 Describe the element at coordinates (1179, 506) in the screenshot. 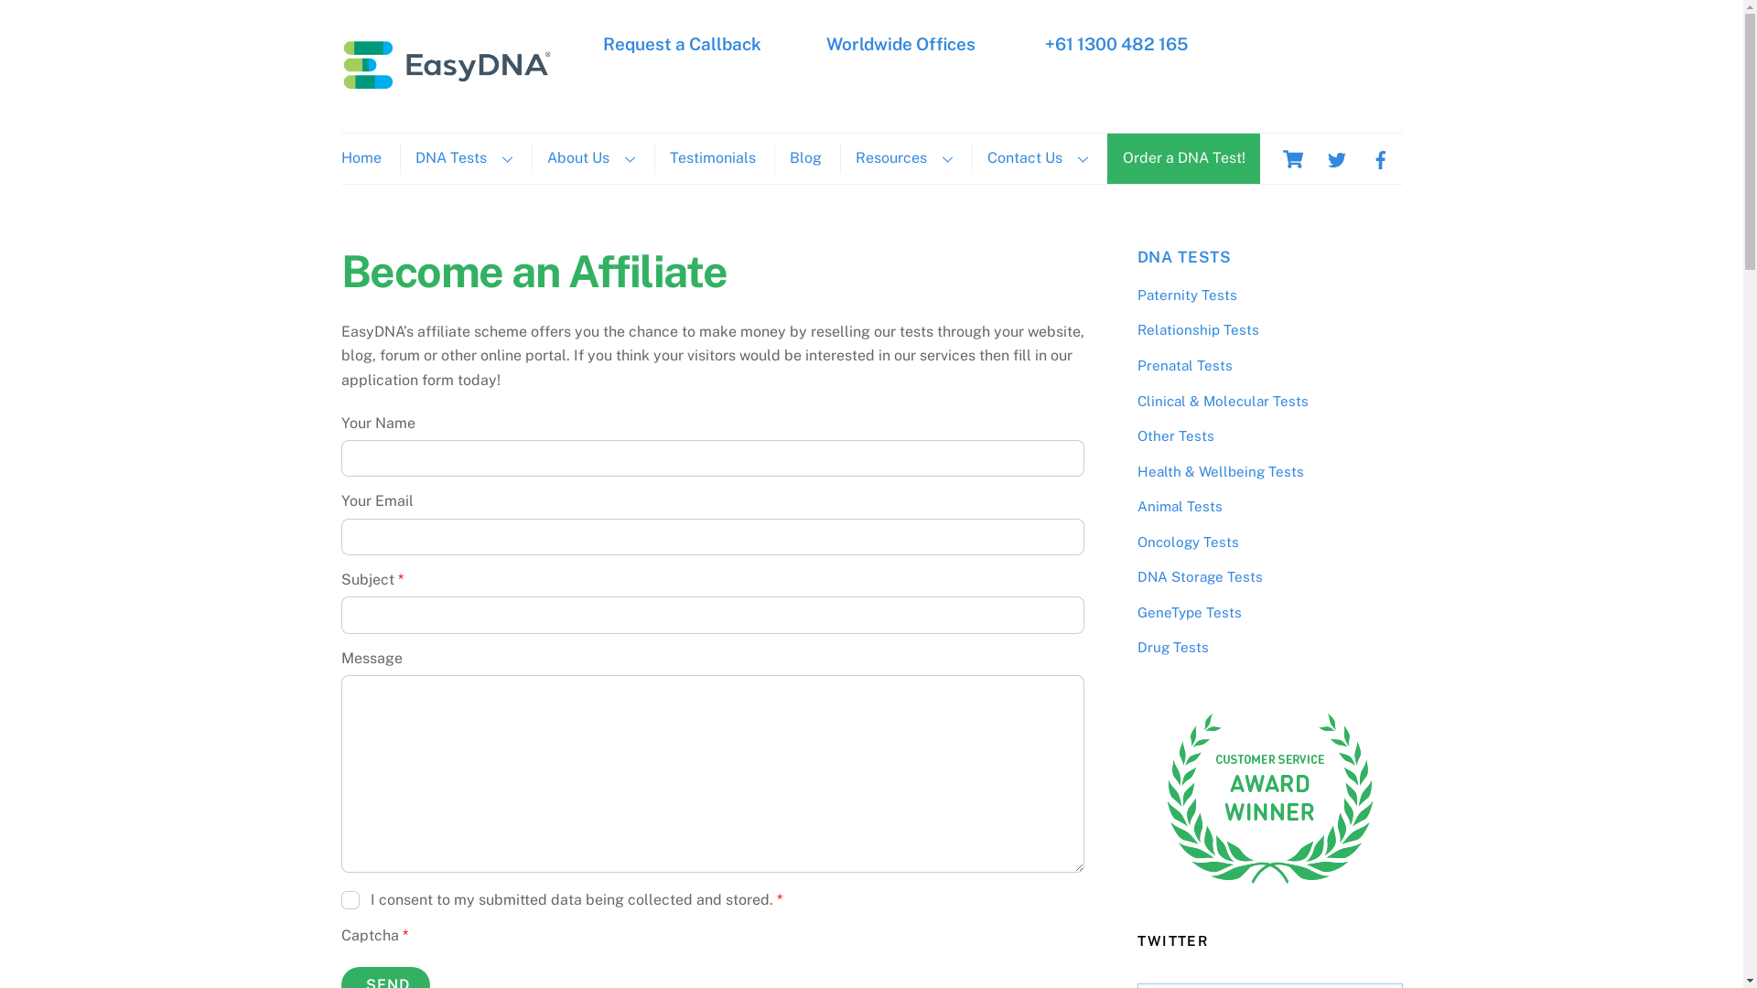

I see `'Animal Tests'` at that location.